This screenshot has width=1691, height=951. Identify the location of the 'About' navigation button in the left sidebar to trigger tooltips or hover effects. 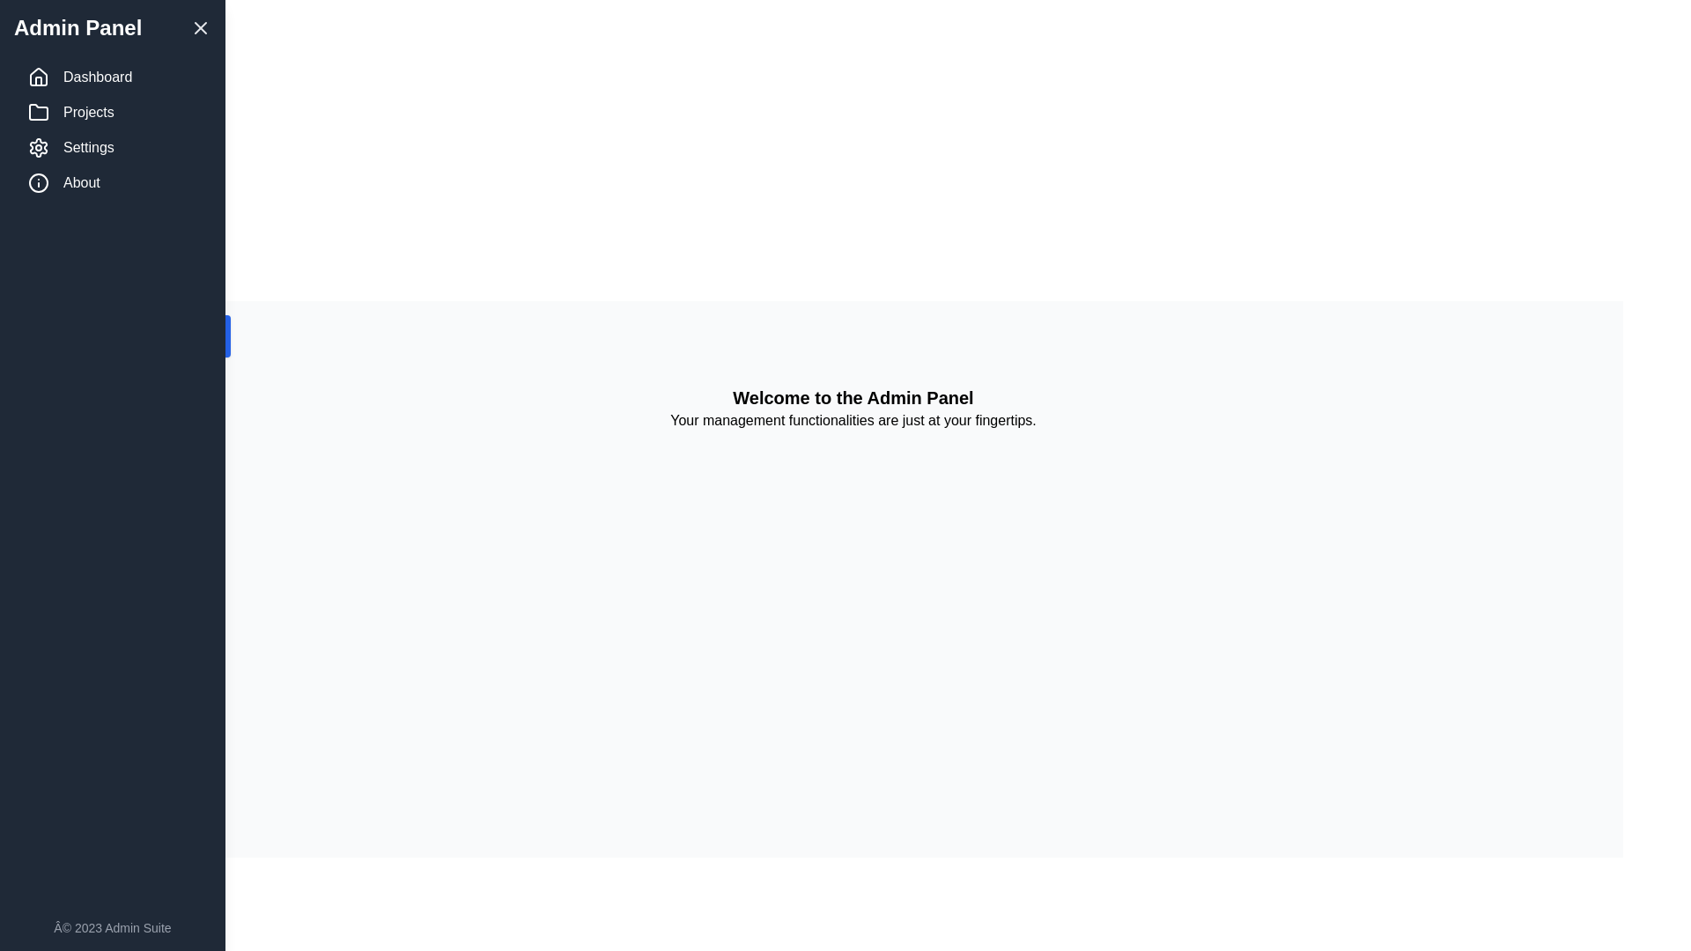
(112, 183).